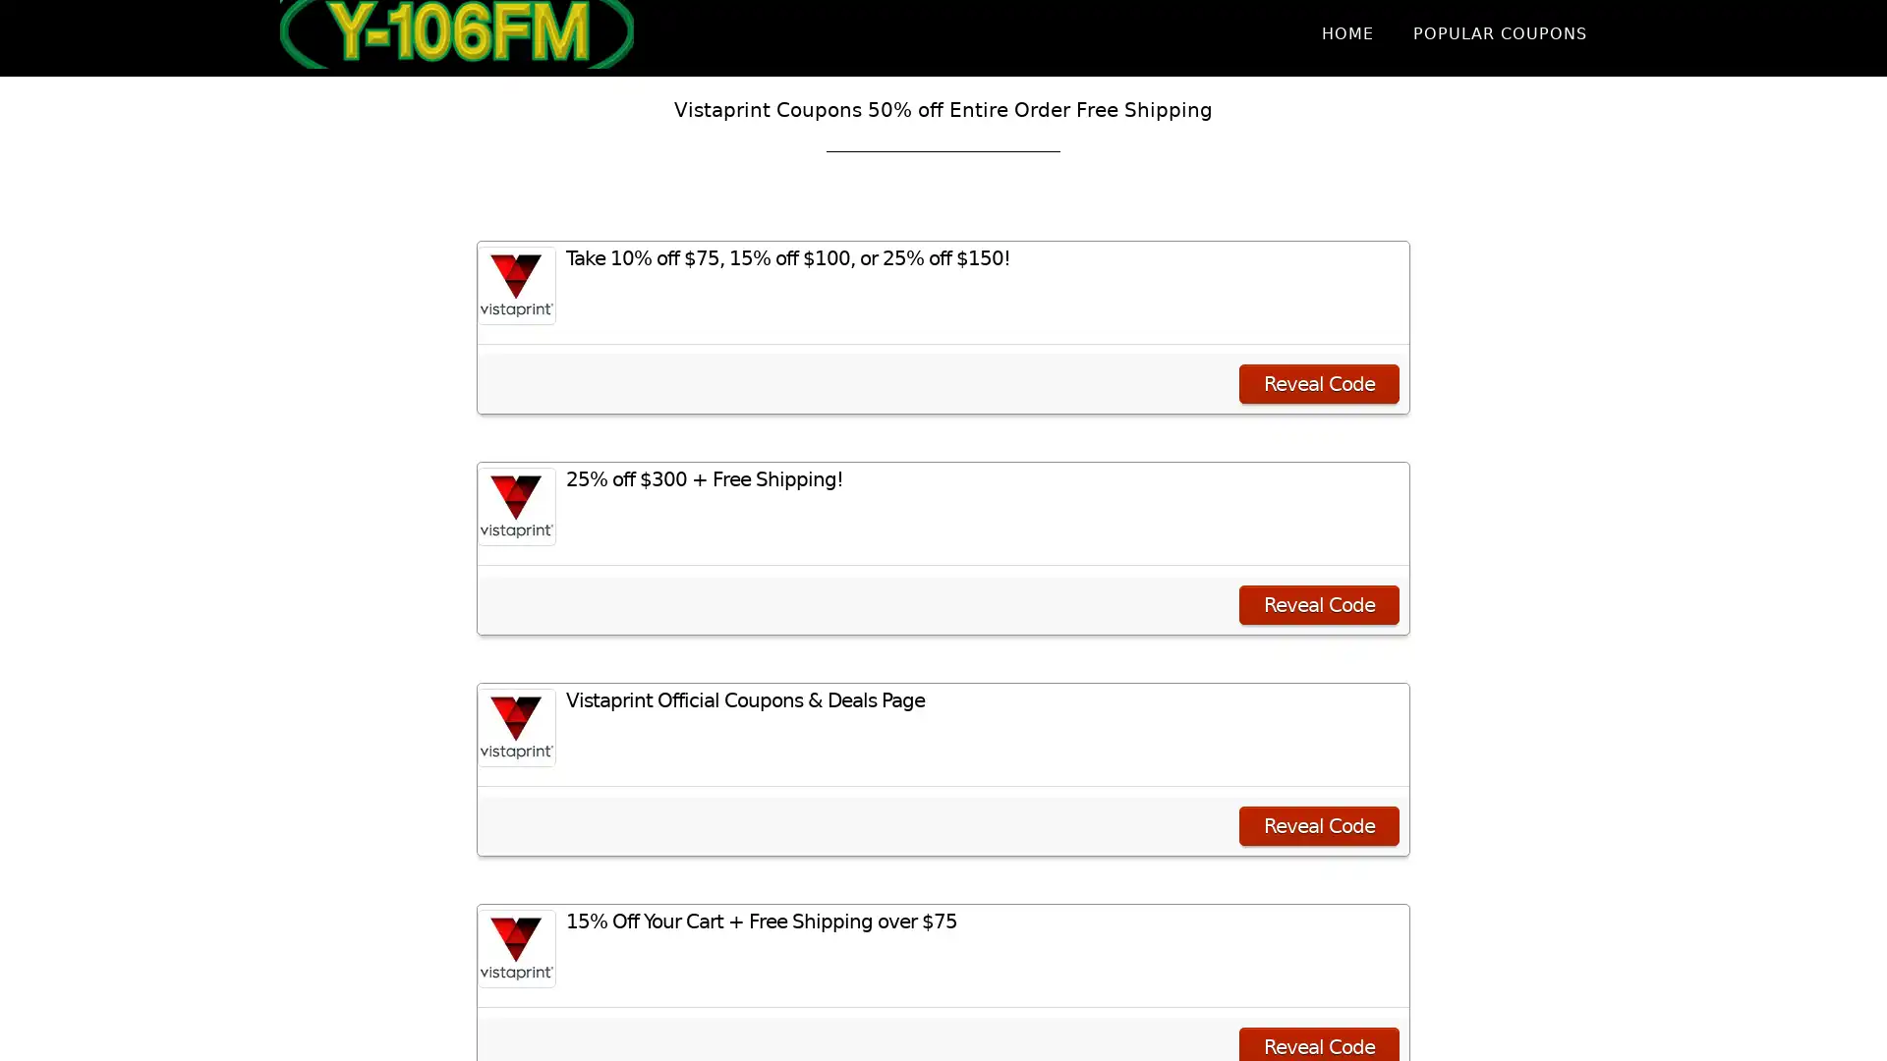  What do you see at coordinates (1319, 604) in the screenshot?
I see `Reveal Code` at bounding box center [1319, 604].